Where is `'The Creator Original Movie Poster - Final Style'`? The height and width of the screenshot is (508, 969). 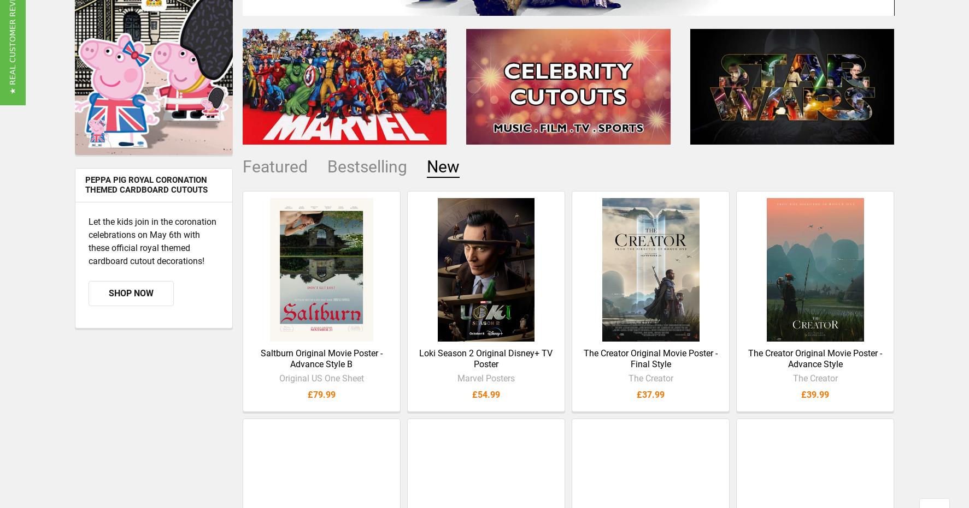 'The Creator Original Movie Poster - Final Style' is located at coordinates (583, 367).